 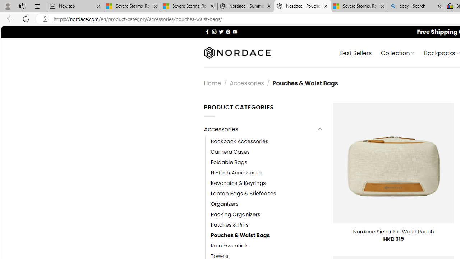 What do you see at coordinates (236, 173) in the screenshot?
I see `'Hi-tech Accessories'` at bounding box center [236, 173].